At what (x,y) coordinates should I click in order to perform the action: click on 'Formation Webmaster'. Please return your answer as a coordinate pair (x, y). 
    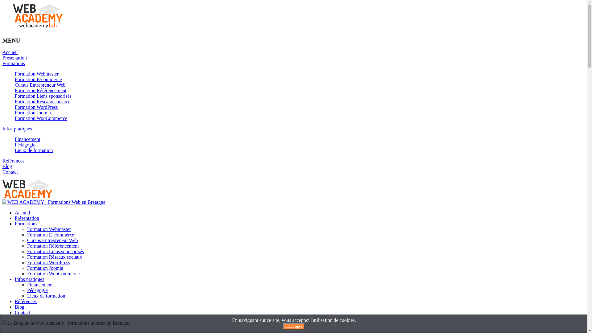
    Looking at the image, I should click on (48, 229).